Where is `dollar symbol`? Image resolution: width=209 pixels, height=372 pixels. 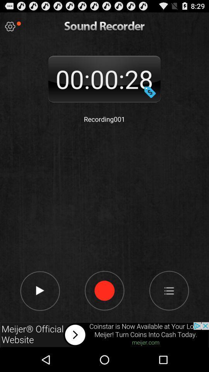 dollar symbol is located at coordinates (150, 92).